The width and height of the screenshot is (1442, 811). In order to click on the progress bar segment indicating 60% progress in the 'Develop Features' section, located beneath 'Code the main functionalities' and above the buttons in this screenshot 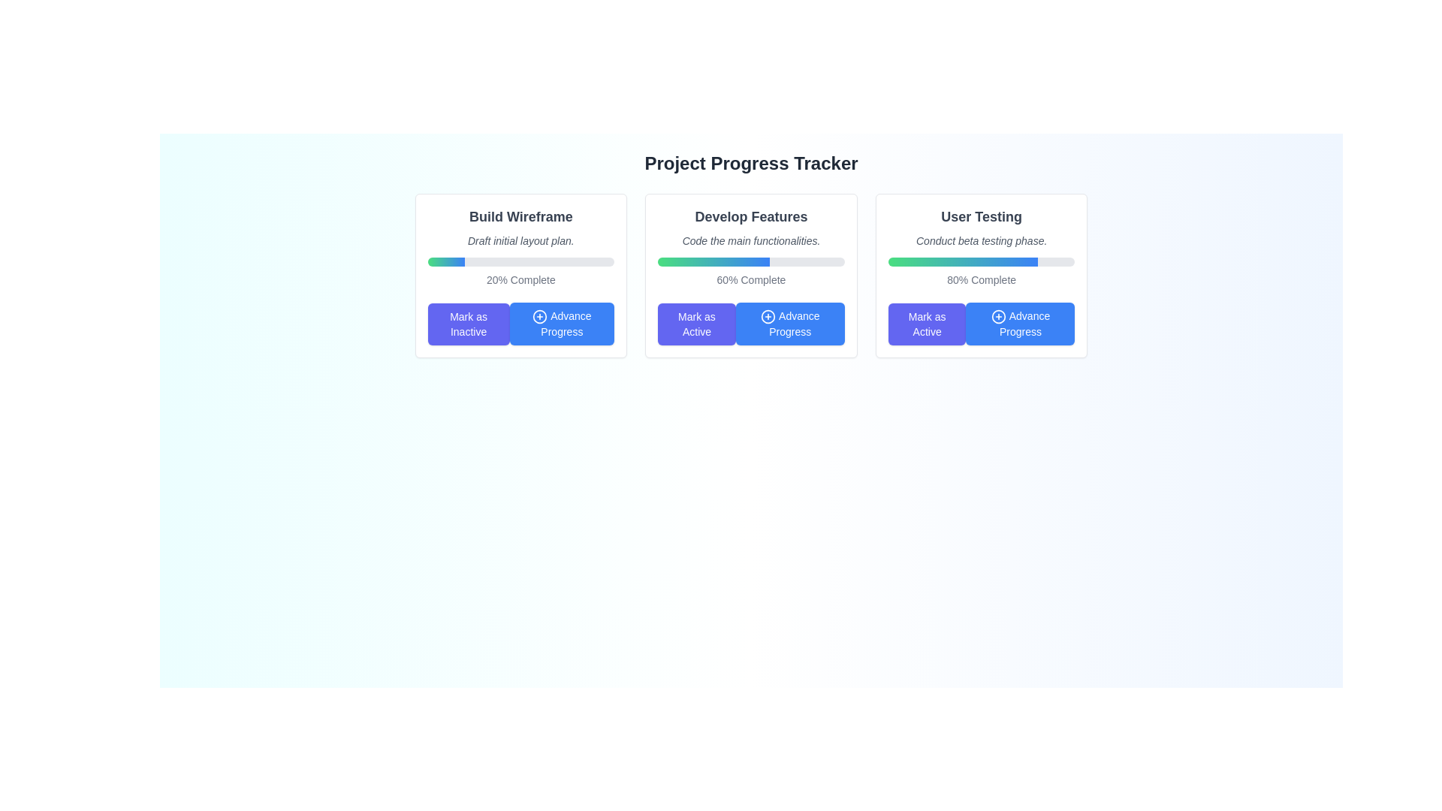, I will do `click(713, 261)`.